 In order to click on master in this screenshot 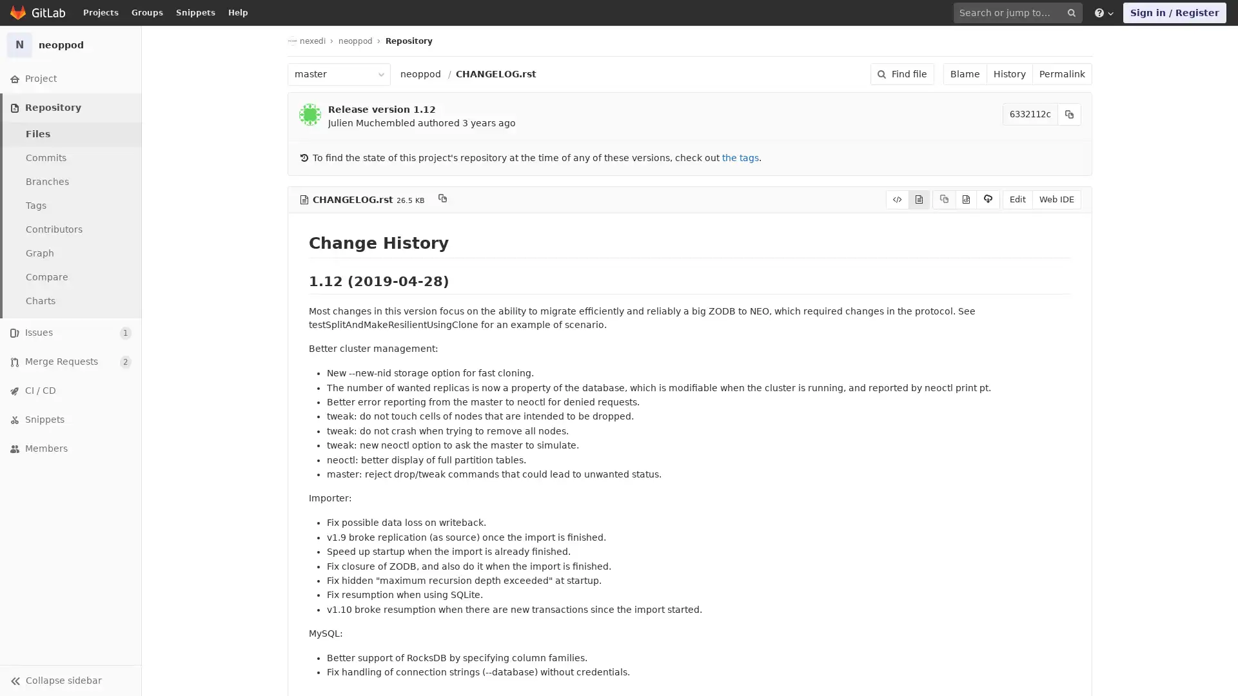, I will do `click(339, 74)`.